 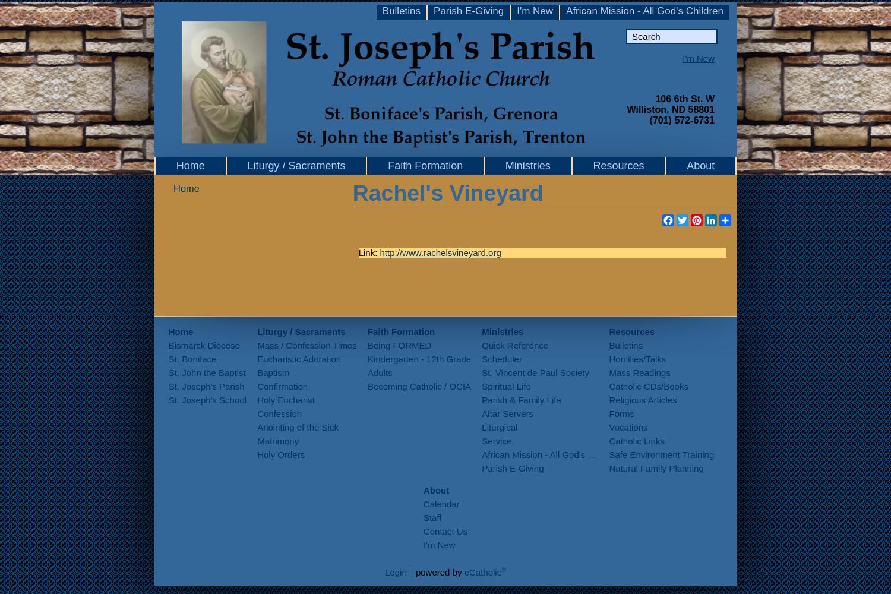 What do you see at coordinates (206, 400) in the screenshot?
I see `'St. Joseph's School'` at bounding box center [206, 400].